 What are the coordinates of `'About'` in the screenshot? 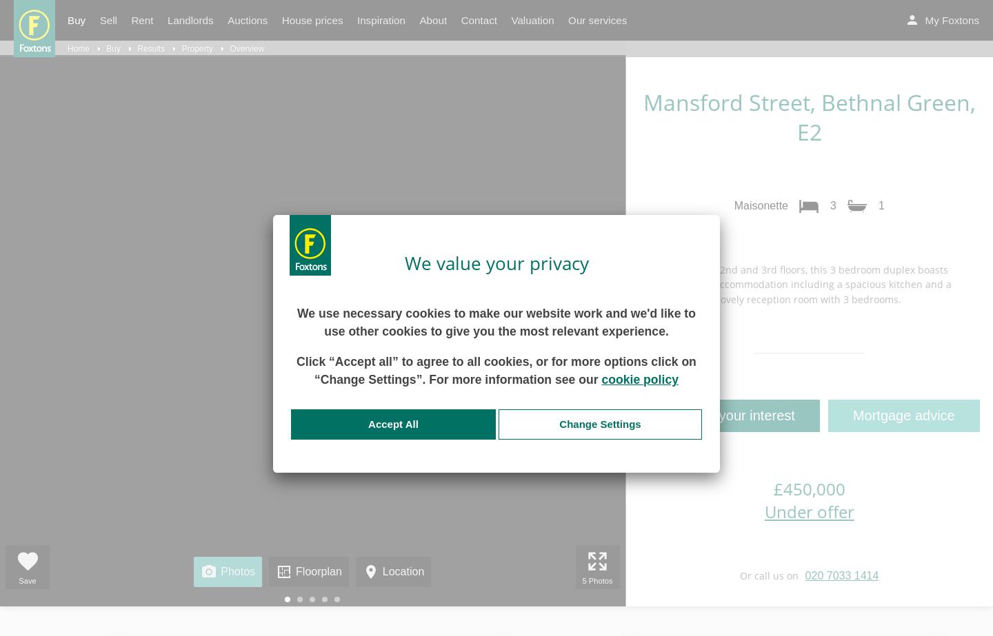 It's located at (432, 20).